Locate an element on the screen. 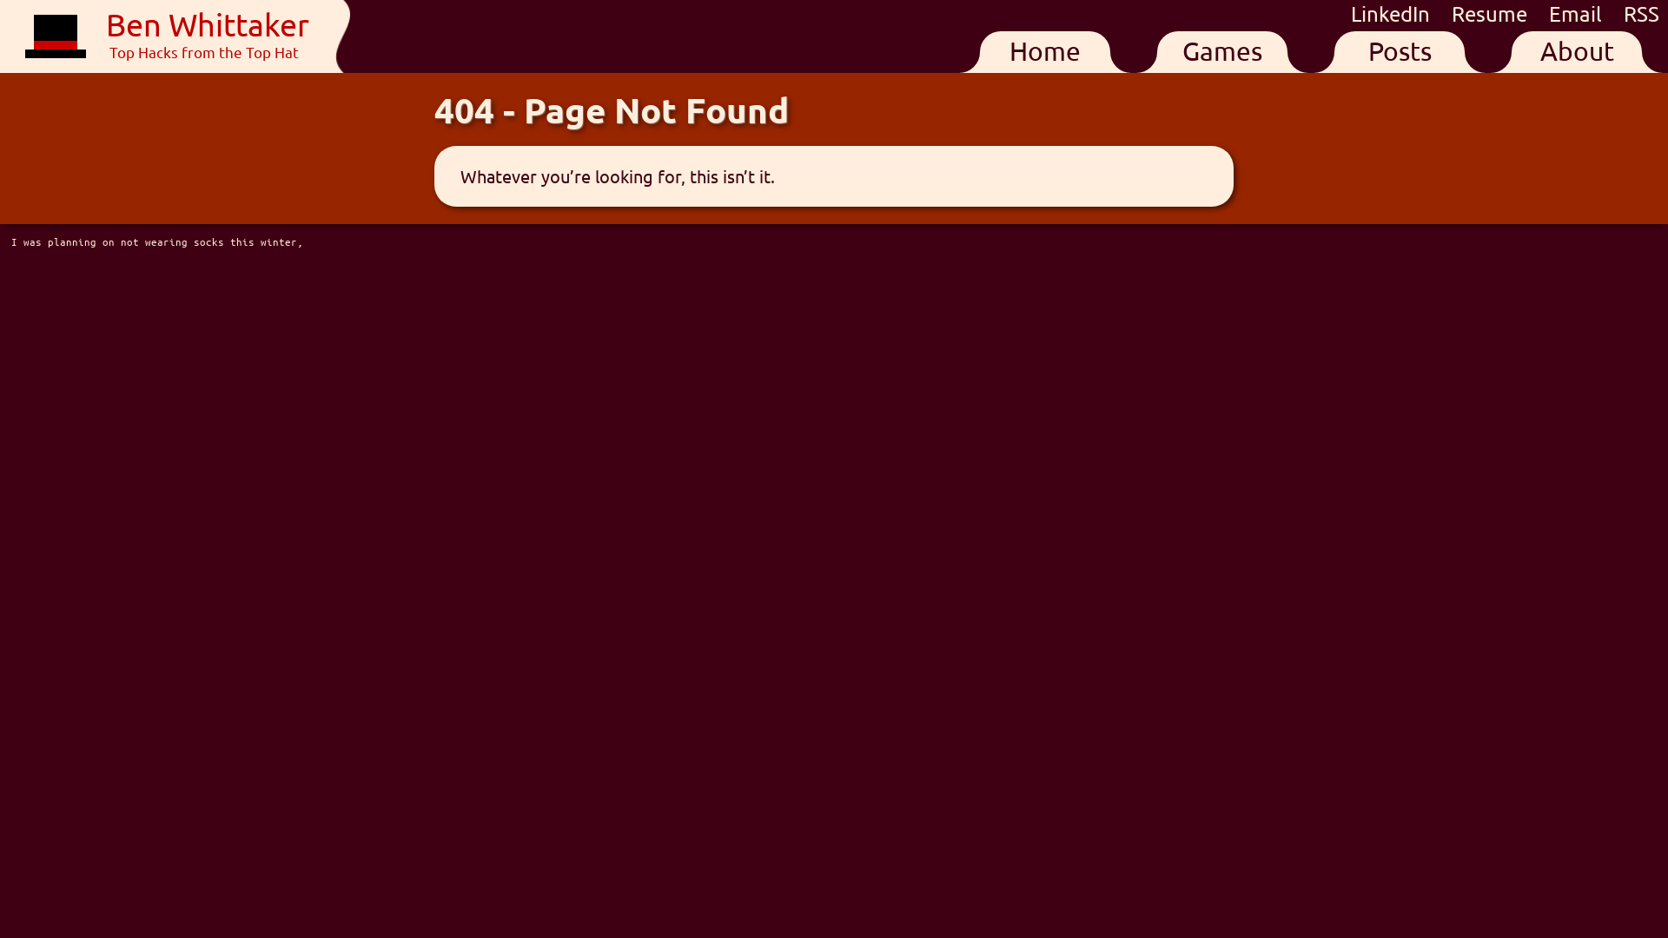 This screenshot has width=1668, height=938. 'RSS' is located at coordinates (1640, 13).